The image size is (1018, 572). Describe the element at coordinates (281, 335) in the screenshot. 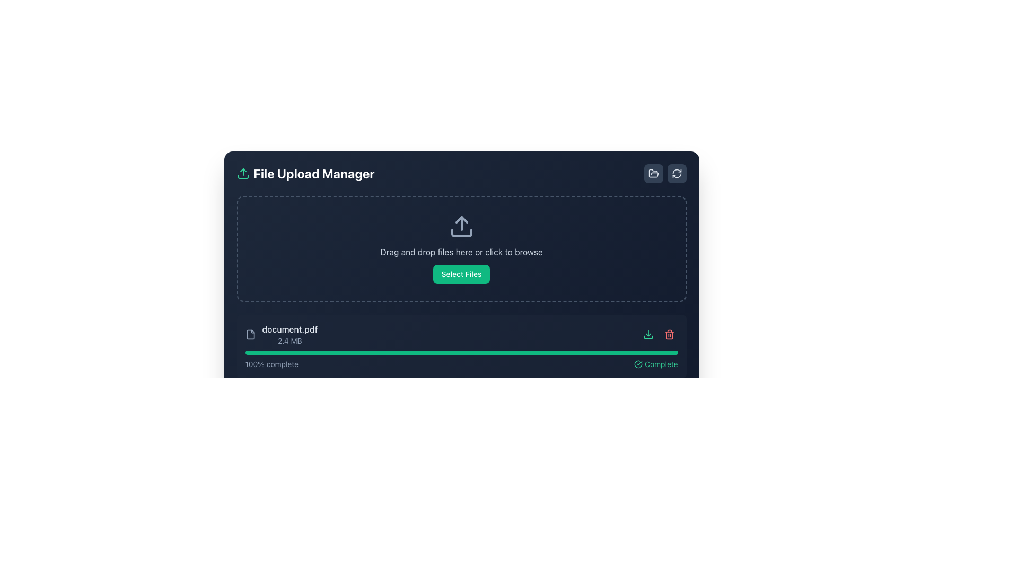

I see `the File display component that shows 'document.pdf' and '2.4 MB', positioned as the leftmost detail in the row of the file upload section` at that location.